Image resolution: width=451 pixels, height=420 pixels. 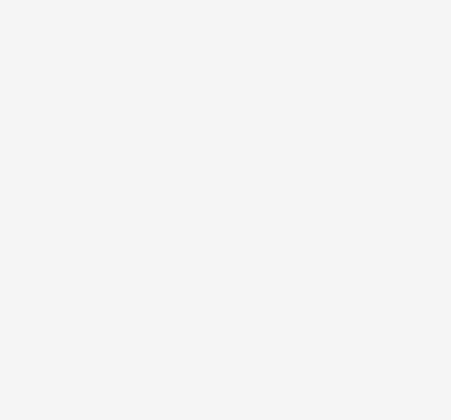 I want to click on 'Chauhar download full movie in hindi', so click(x=137, y=385).